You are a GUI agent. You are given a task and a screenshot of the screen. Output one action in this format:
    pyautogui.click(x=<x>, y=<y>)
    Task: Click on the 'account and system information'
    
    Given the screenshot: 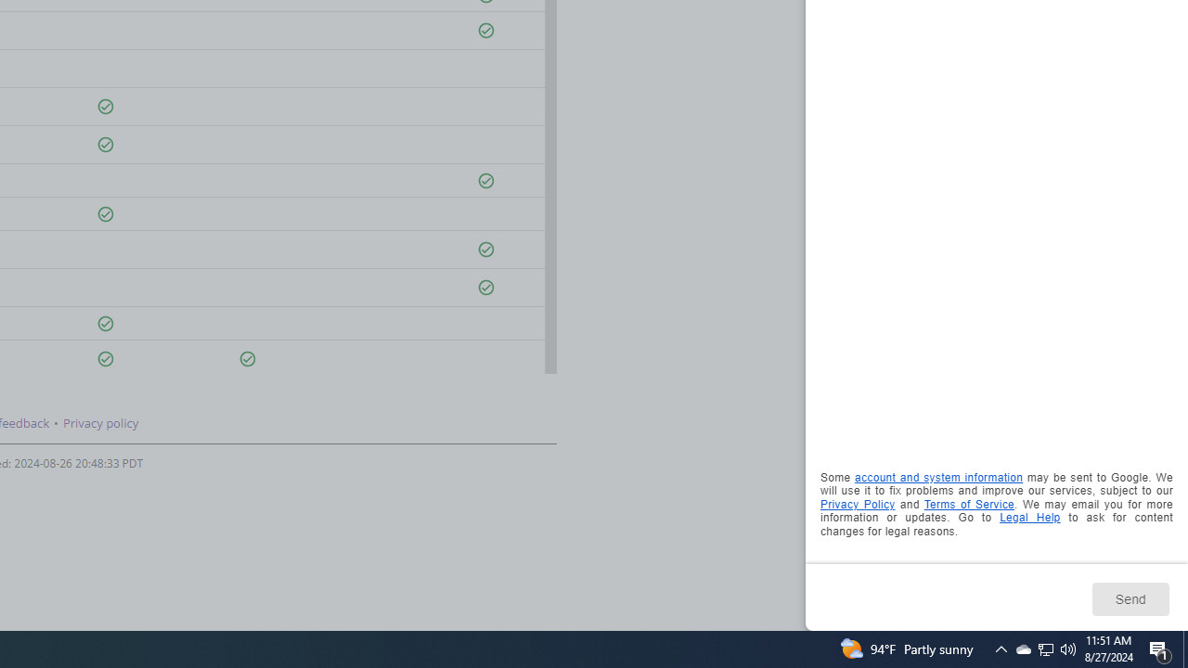 What is the action you would take?
    pyautogui.click(x=939, y=477)
    